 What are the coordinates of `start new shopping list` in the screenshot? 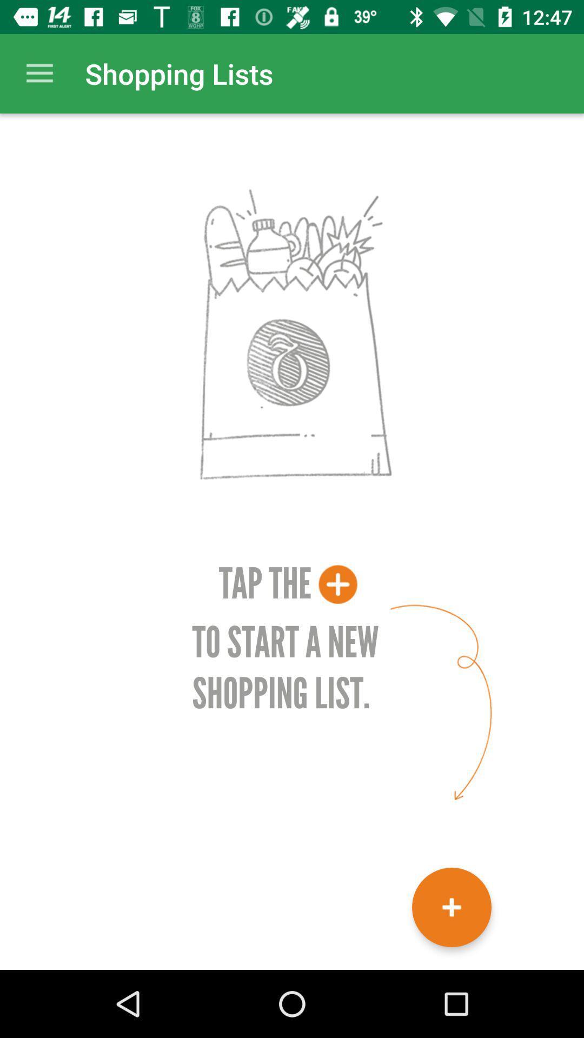 It's located at (452, 907).